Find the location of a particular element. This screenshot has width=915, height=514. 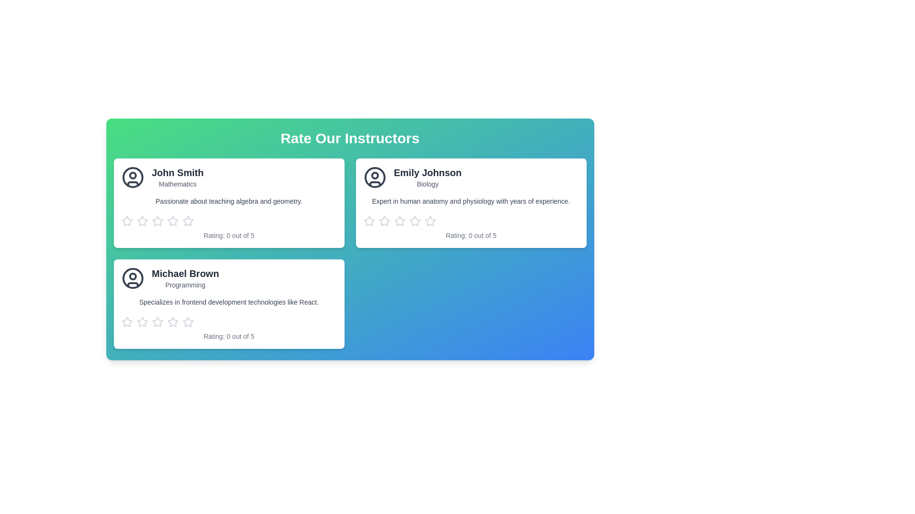

the first rating star icon for 'John Smith' is located at coordinates (157, 221).